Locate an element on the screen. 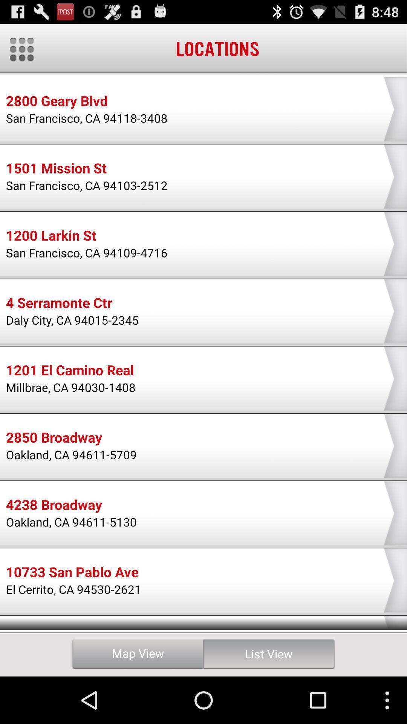 Image resolution: width=407 pixels, height=724 pixels. the icon below the oakland ca 94611 app is located at coordinates (72, 573).